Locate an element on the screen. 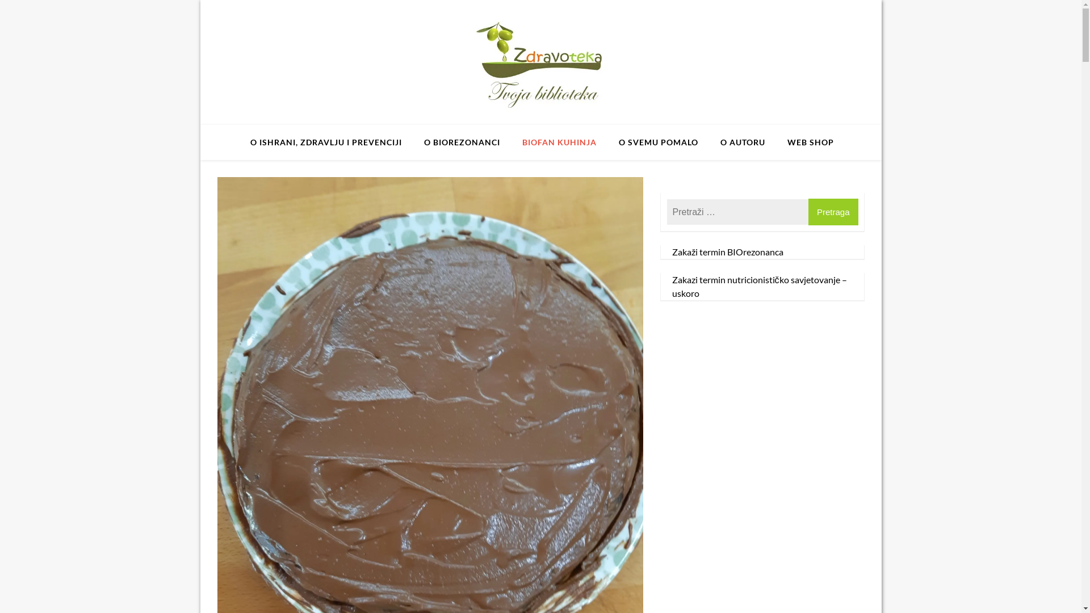  'O AUTORU' is located at coordinates (710, 141).